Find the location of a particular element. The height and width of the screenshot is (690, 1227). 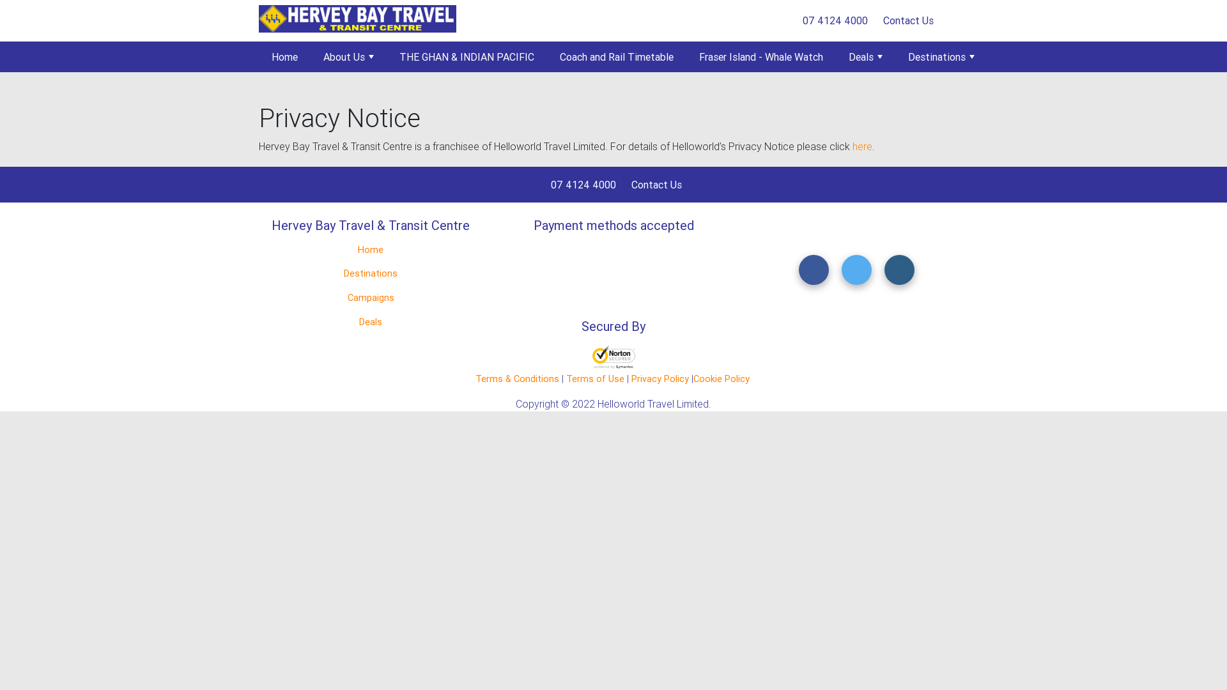

'Deals' is located at coordinates (370, 322).